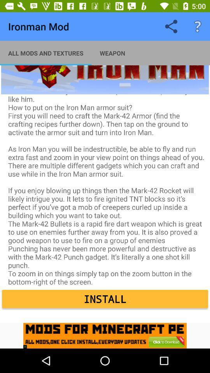 The height and width of the screenshot is (373, 210). What do you see at coordinates (105, 298) in the screenshot?
I see `the item below the the iron man icon` at bounding box center [105, 298].